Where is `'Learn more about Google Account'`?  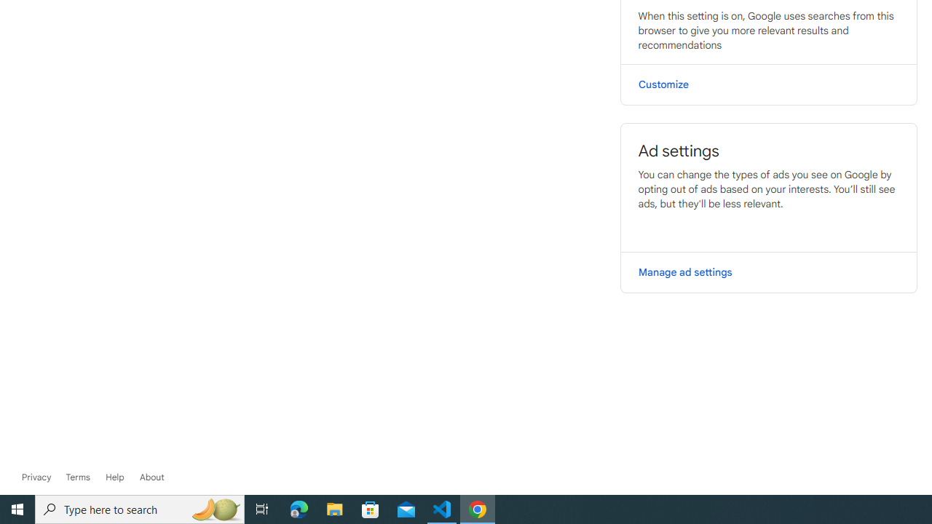
'Learn more about Google Account' is located at coordinates (151, 477).